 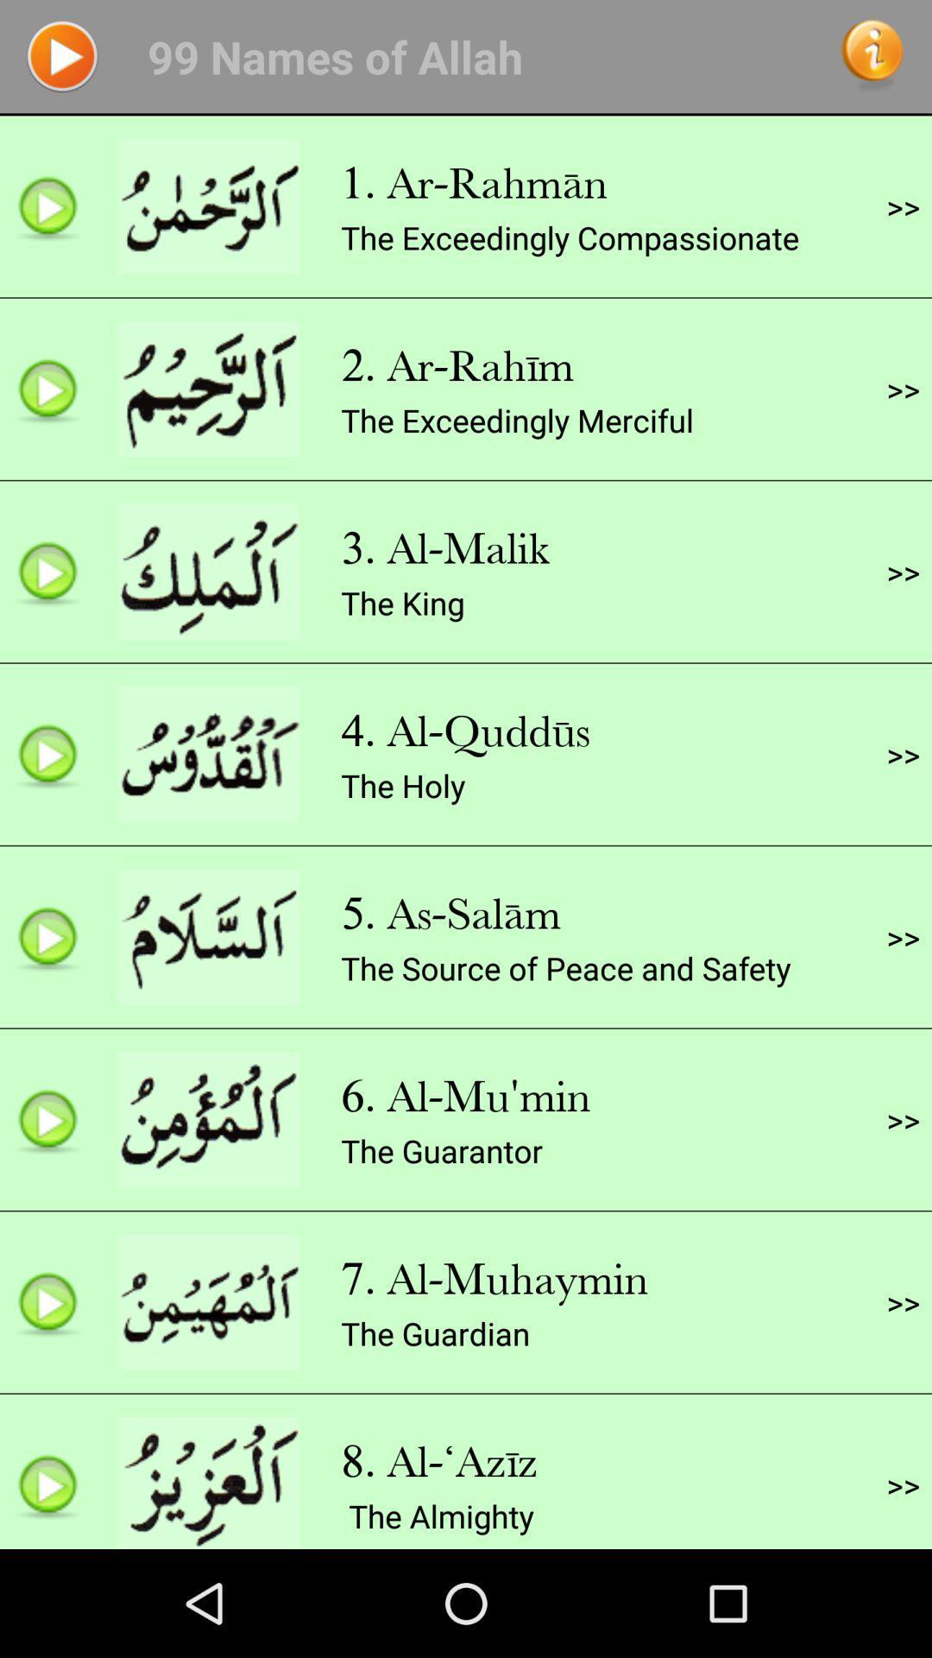 I want to click on the the guarantor, so click(x=441, y=1150).